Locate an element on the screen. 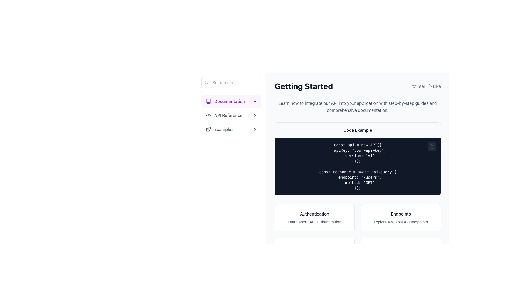 This screenshot has width=517, height=291. the 'Like' text label, which is styled in light gray and positioned to the right of the thumbs-up icon in the top-right corner of the interface is located at coordinates (437, 86).